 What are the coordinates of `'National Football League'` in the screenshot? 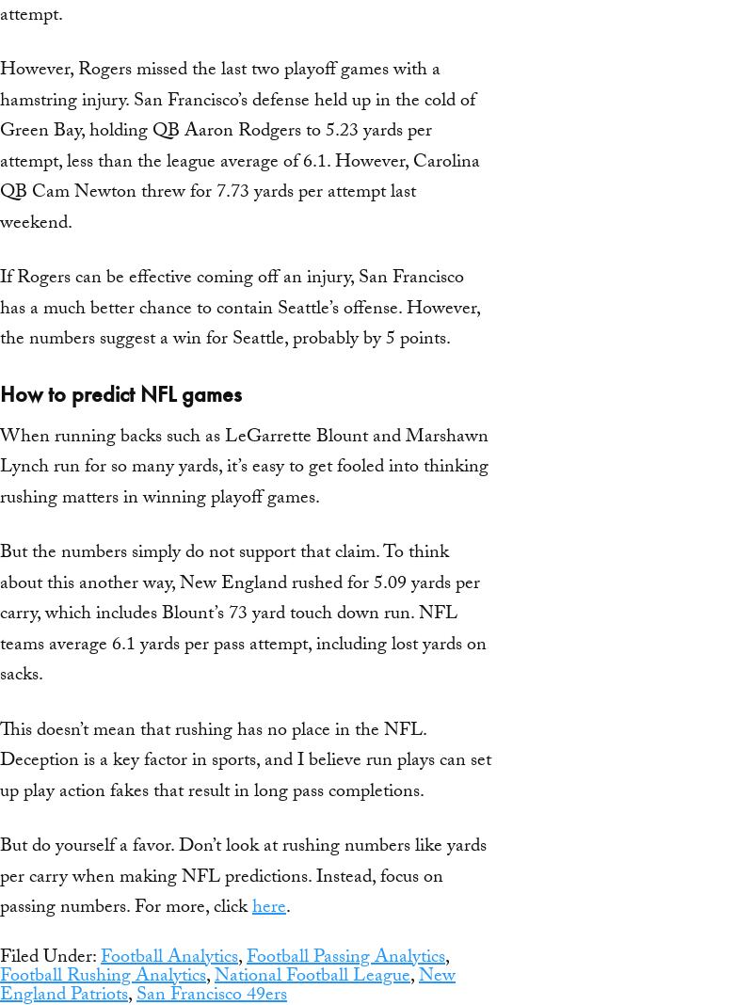 It's located at (312, 976).